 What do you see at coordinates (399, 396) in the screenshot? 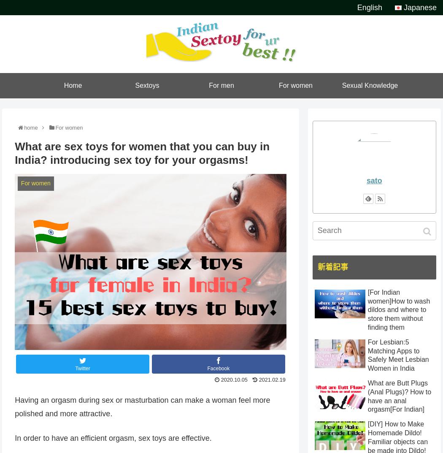
I see `'What are Butt Plugs (Anal Plugs)? How to have an anal orgasm[For Indian]'` at bounding box center [399, 396].